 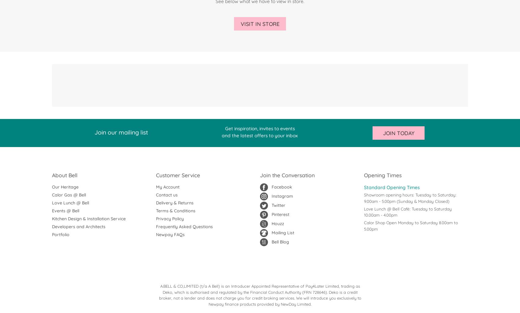 What do you see at coordinates (156, 218) in the screenshot?
I see `'Privacy Policy'` at bounding box center [156, 218].